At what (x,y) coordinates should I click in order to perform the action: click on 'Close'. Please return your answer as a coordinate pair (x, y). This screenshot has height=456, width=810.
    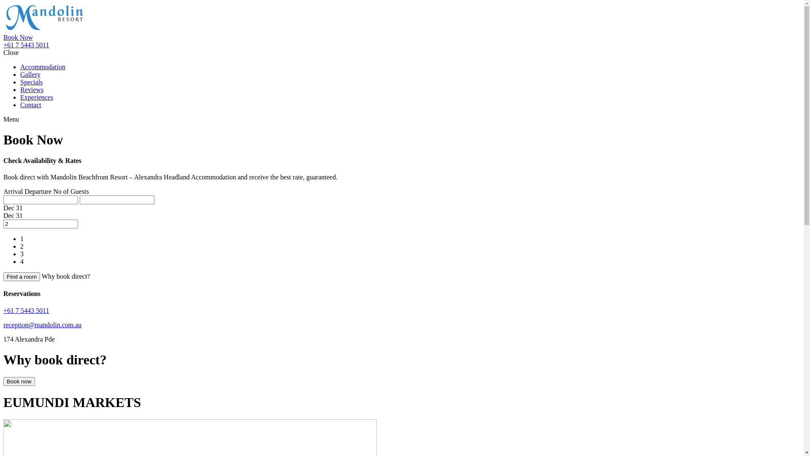
    Looking at the image, I should click on (11, 52).